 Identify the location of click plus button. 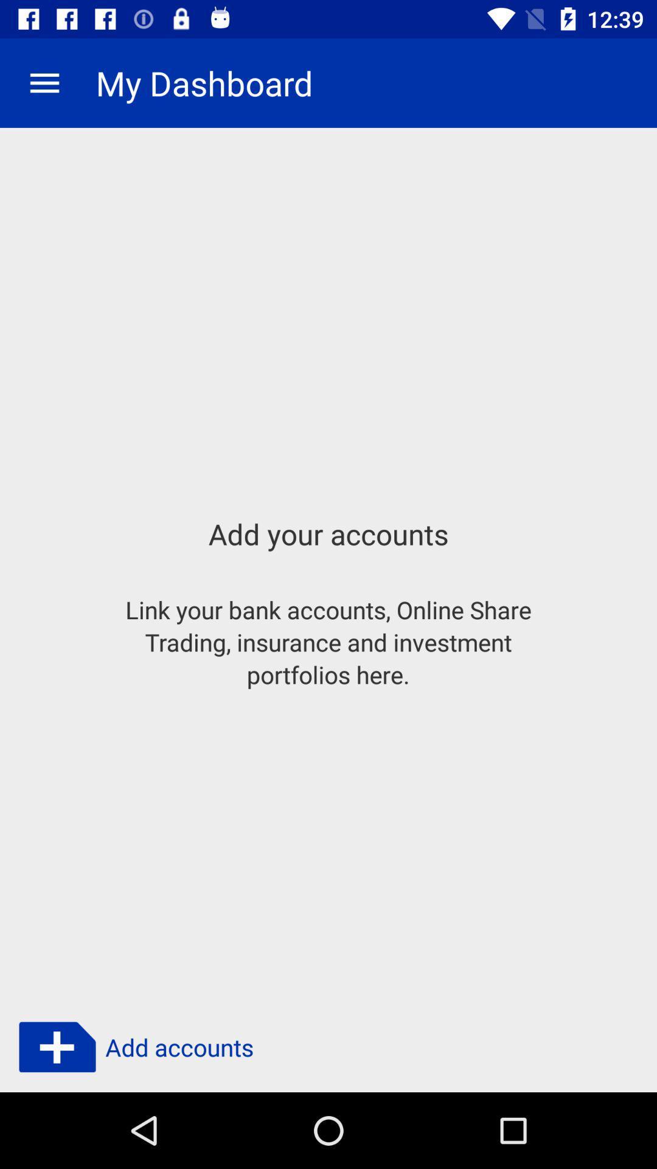
(57, 1047).